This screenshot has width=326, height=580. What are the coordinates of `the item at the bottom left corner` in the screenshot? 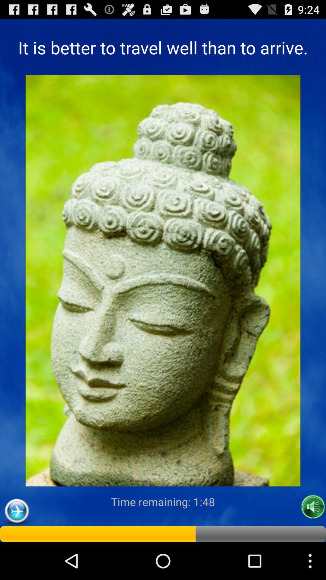 It's located at (16, 511).